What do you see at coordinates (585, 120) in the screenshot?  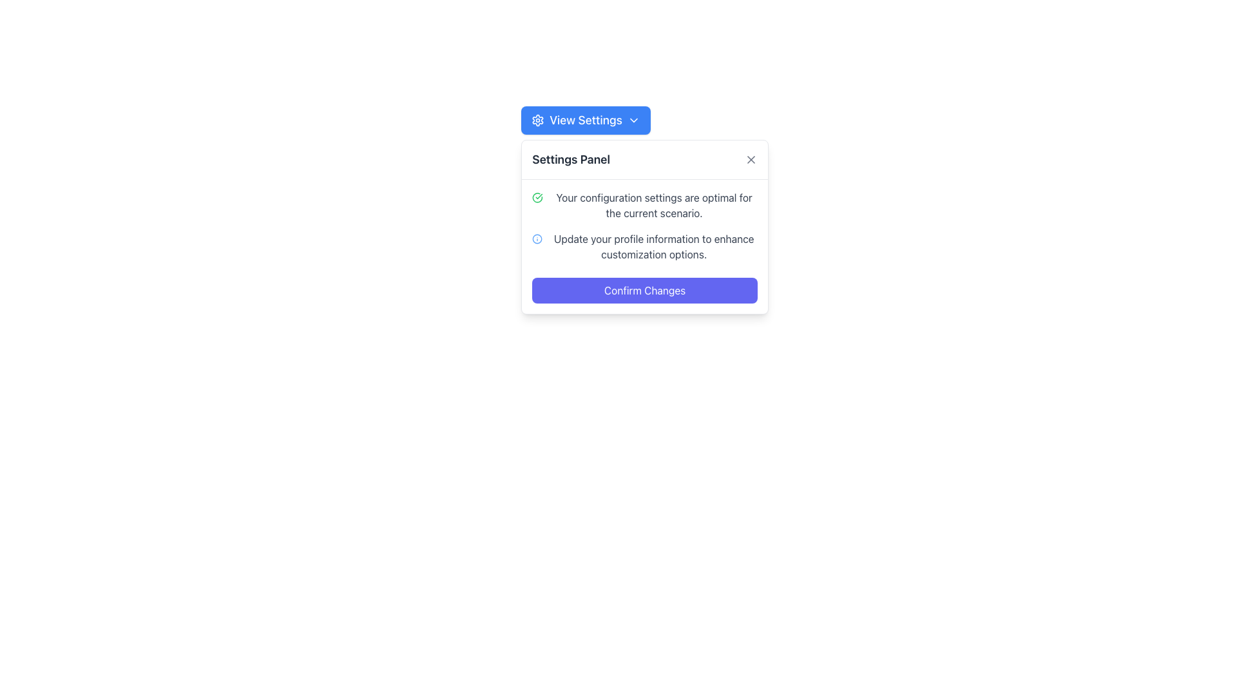 I see `the settings toggle button located at the top of the panel interface` at bounding box center [585, 120].